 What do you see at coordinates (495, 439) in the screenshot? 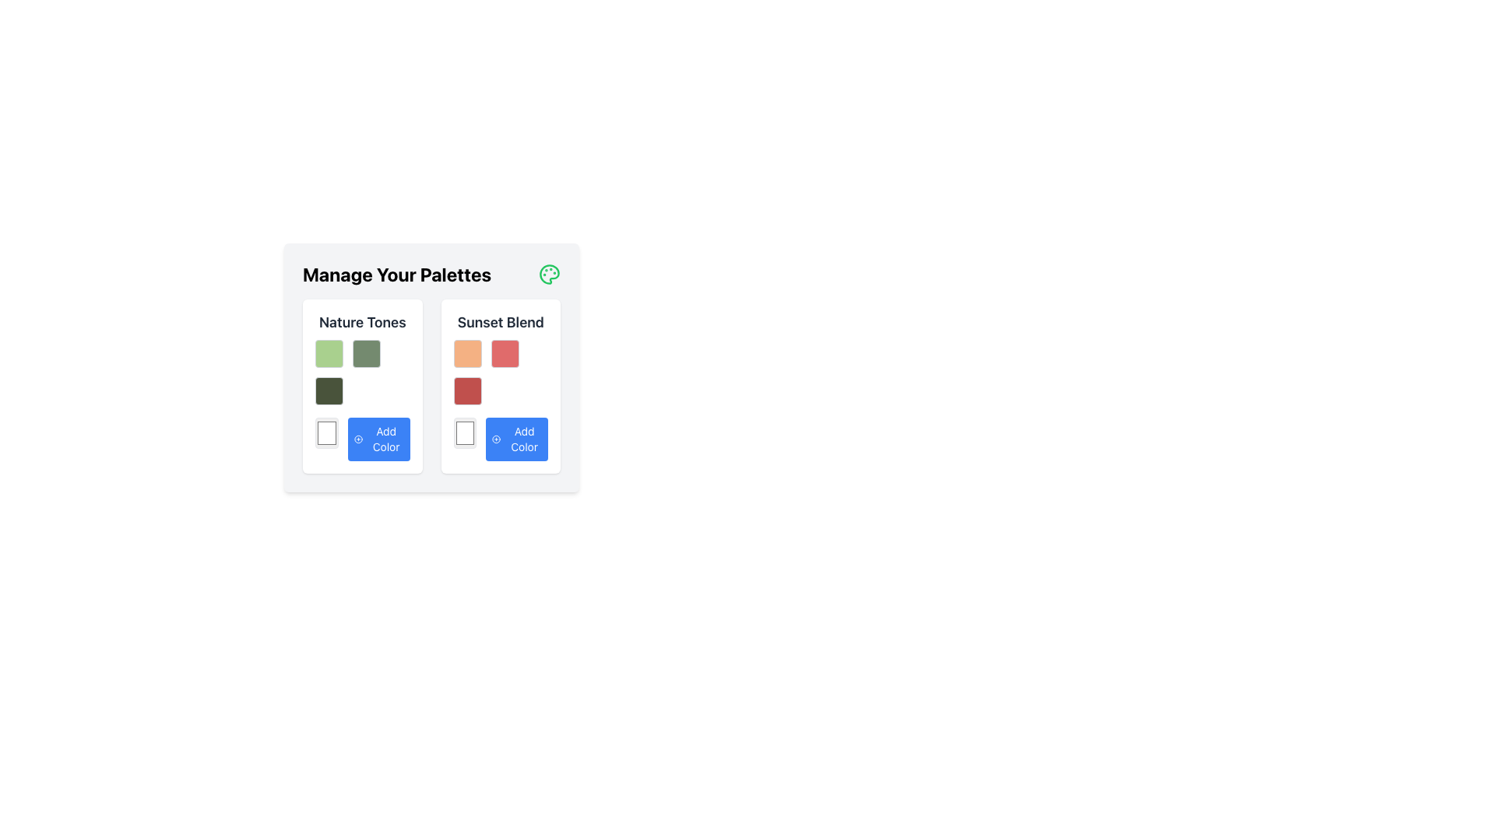
I see `the Circular SVG shape that serves as the base for the '+' icon in the 'Manage Your Palettes' interface, located at the bottom right` at bounding box center [495, 439].